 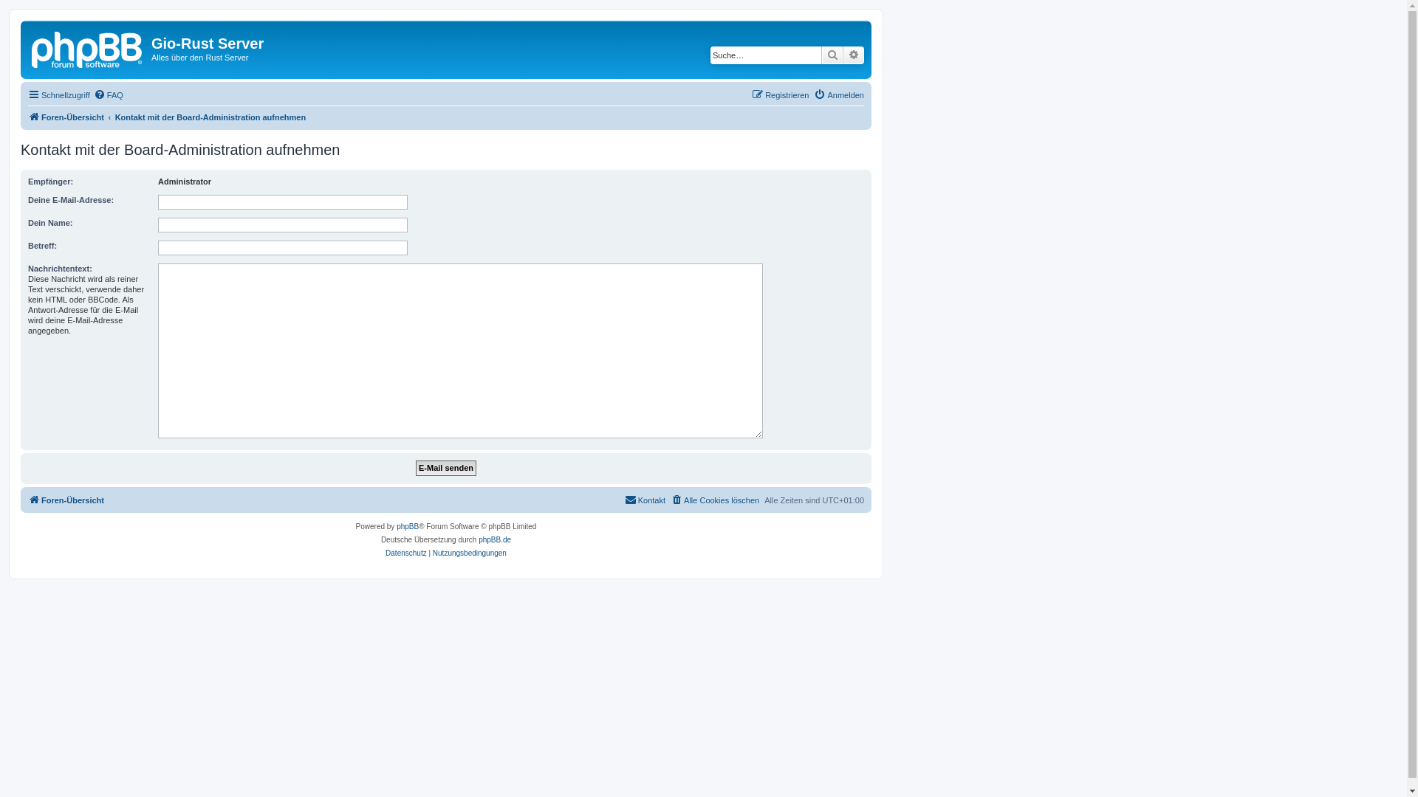 What do you see at coordinates (843, 54) in the screenshot?
I see `'Erweiterte Suche'` at bounding box center [843, 54].